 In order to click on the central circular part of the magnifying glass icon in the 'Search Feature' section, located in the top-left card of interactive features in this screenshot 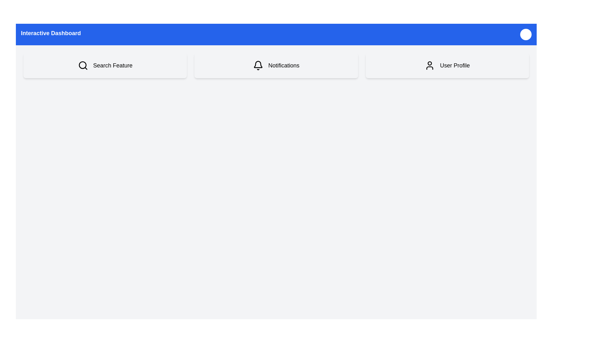, I will do `click(82, 65)`.